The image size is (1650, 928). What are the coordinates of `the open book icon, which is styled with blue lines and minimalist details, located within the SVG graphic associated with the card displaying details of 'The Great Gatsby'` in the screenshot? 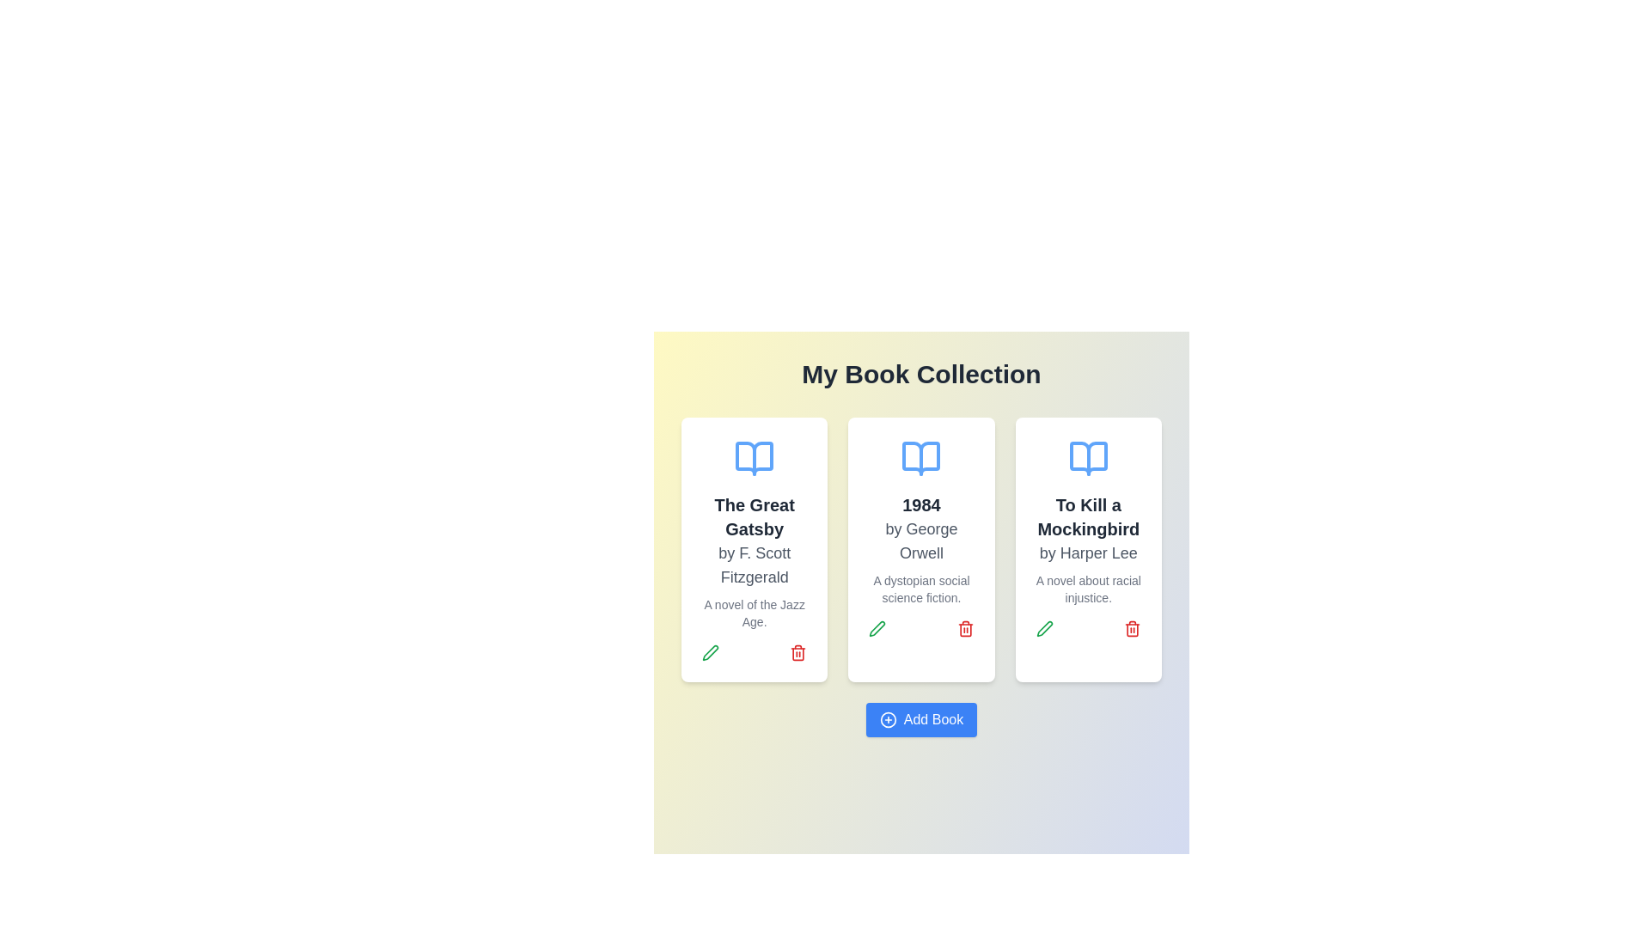 It's located at (755, 457).